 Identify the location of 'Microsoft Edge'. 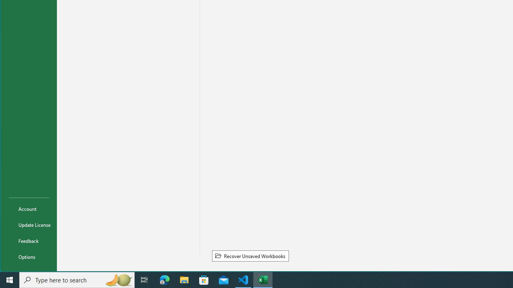
(164, 279).